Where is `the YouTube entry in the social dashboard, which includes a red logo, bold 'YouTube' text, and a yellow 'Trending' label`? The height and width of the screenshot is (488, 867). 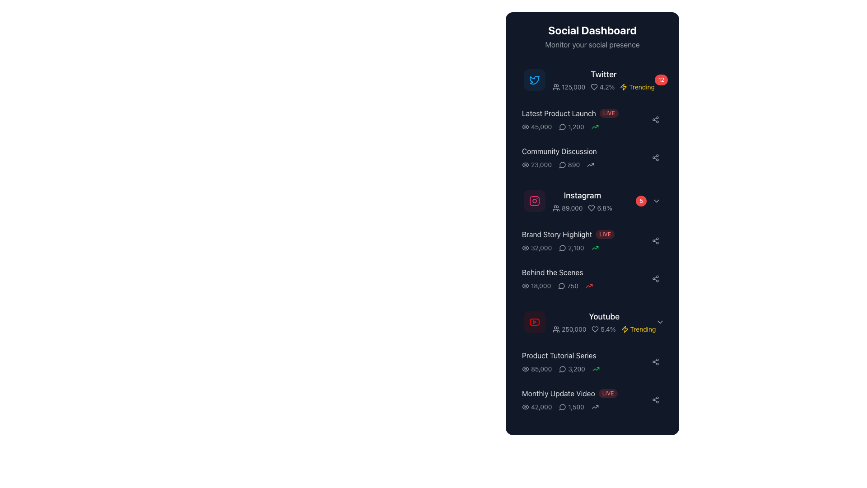
the YouTube entry in the social dashboard, which includes a red logo, bold 'YouTube' text, and a yellow 'Trending' label is located at coordinates (590, 322).